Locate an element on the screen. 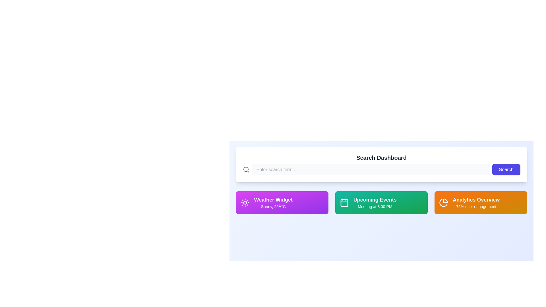 The width and height of the screenshot is (546, 307). the bold 'Upcoming Events' text label displayed in white font on a green background, which is centrally located in the dashboard layout is located at coordinates (375, 199).